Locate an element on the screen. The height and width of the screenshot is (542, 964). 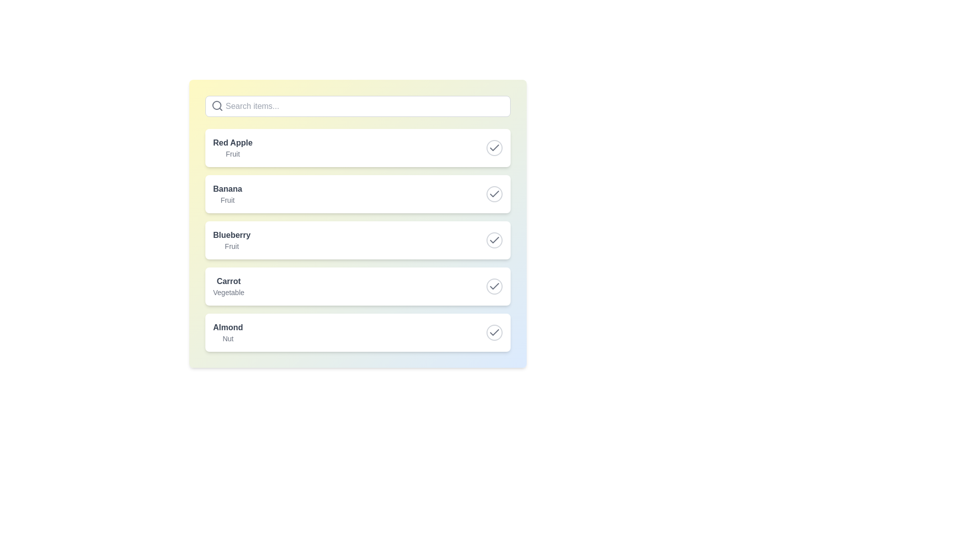
the selection or confirmation button associated with the 'Red Apple' item is located at coordinates (494, 148).